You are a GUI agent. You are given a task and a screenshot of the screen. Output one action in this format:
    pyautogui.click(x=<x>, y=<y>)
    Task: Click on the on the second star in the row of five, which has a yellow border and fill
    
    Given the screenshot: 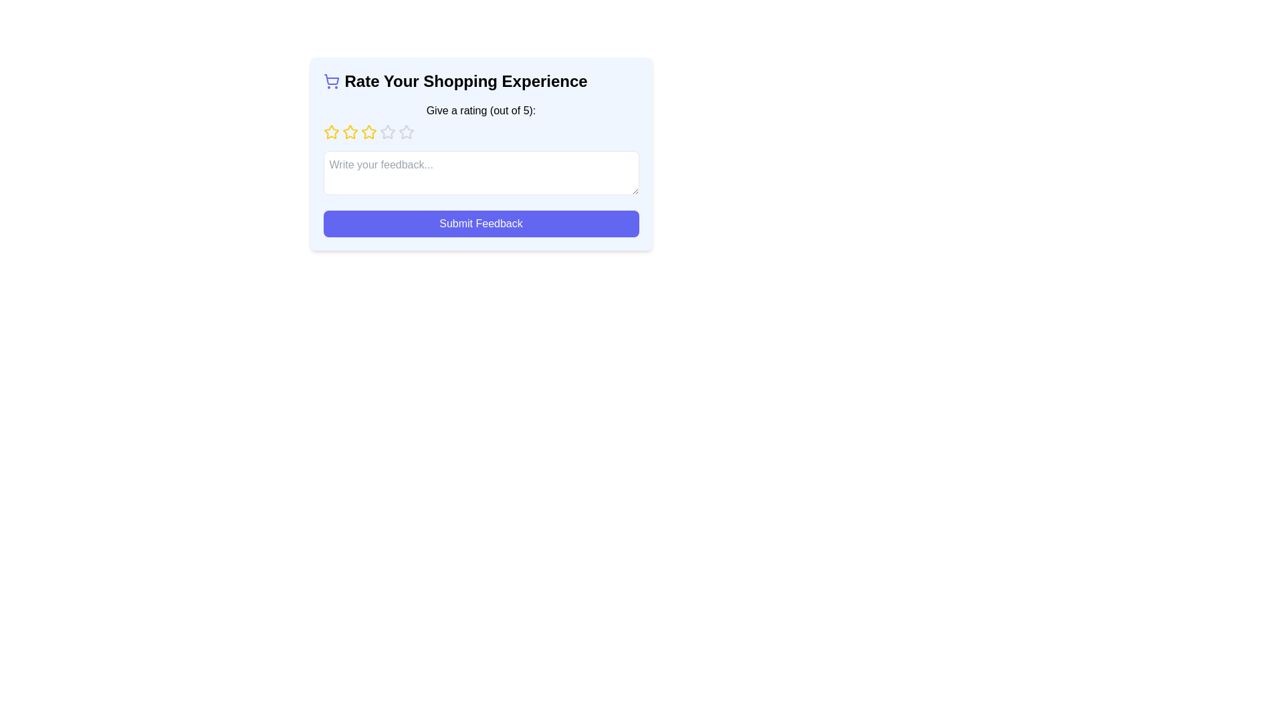 What is the action you would take?
    pyautogui.click(x=350, y=132)
    